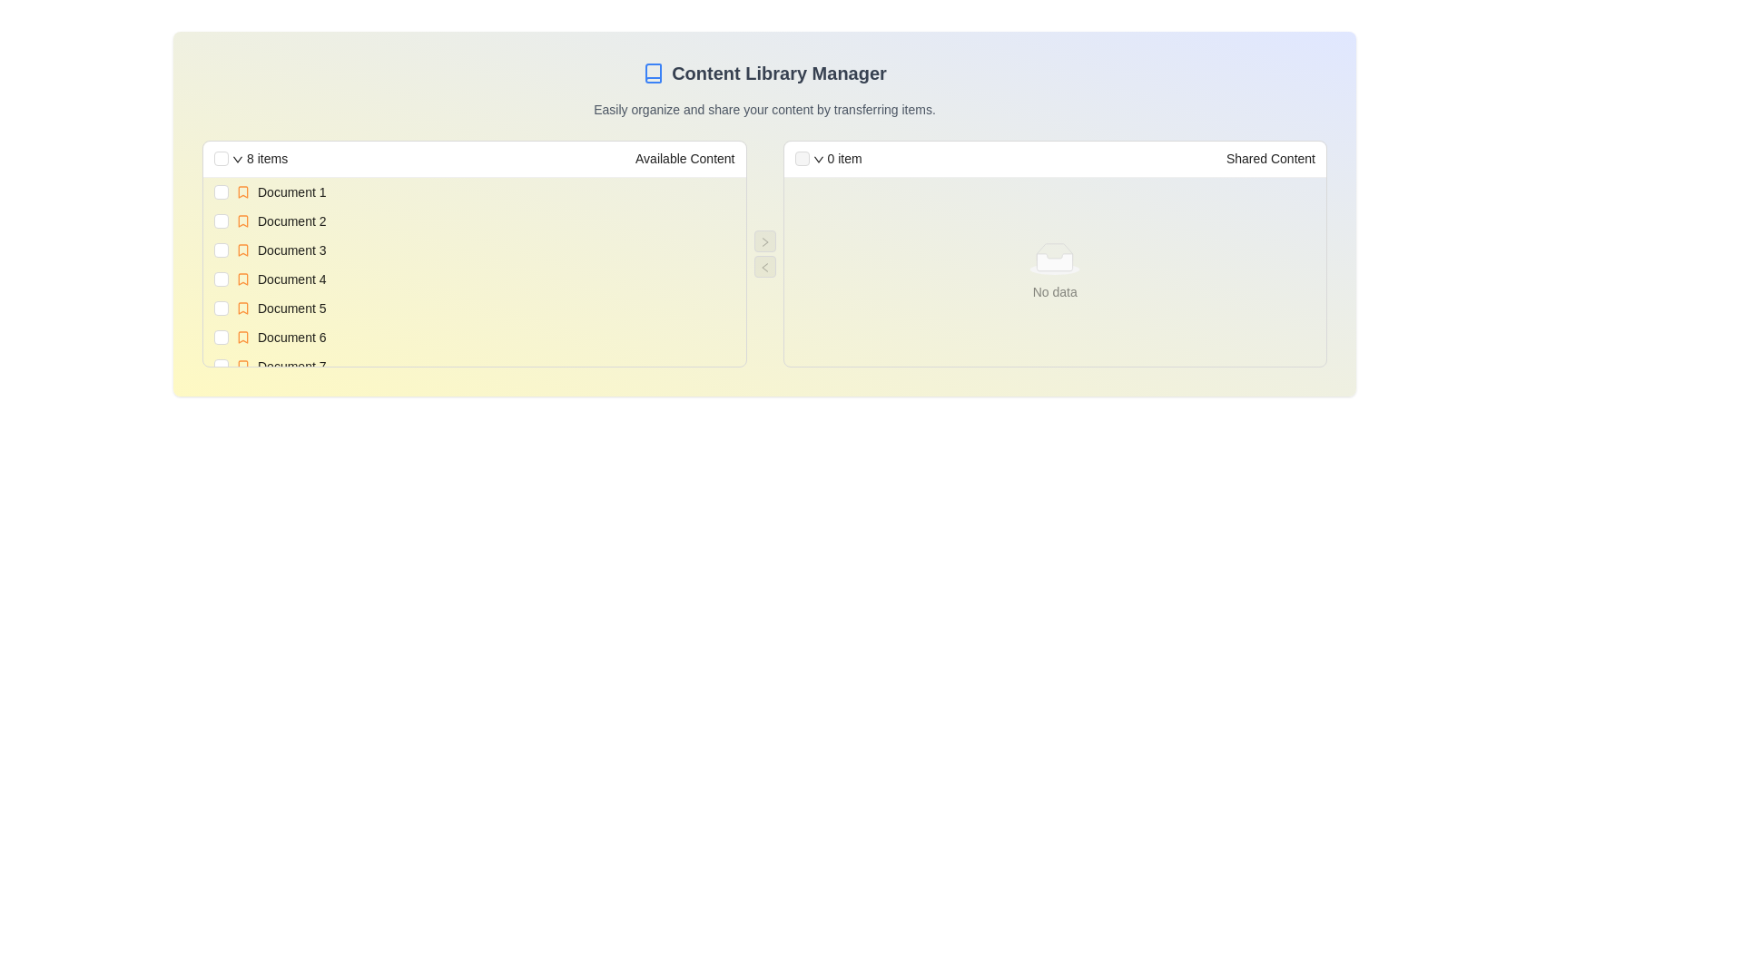  I want to click on the Dropdown menu indicator icon located in the right-hand list labeled 'Shared Content', so click(817, 159).